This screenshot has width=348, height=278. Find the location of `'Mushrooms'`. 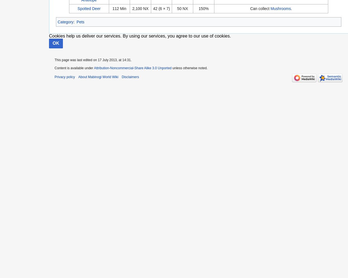

'Mushrooms' is located at coordinates (281, 9).